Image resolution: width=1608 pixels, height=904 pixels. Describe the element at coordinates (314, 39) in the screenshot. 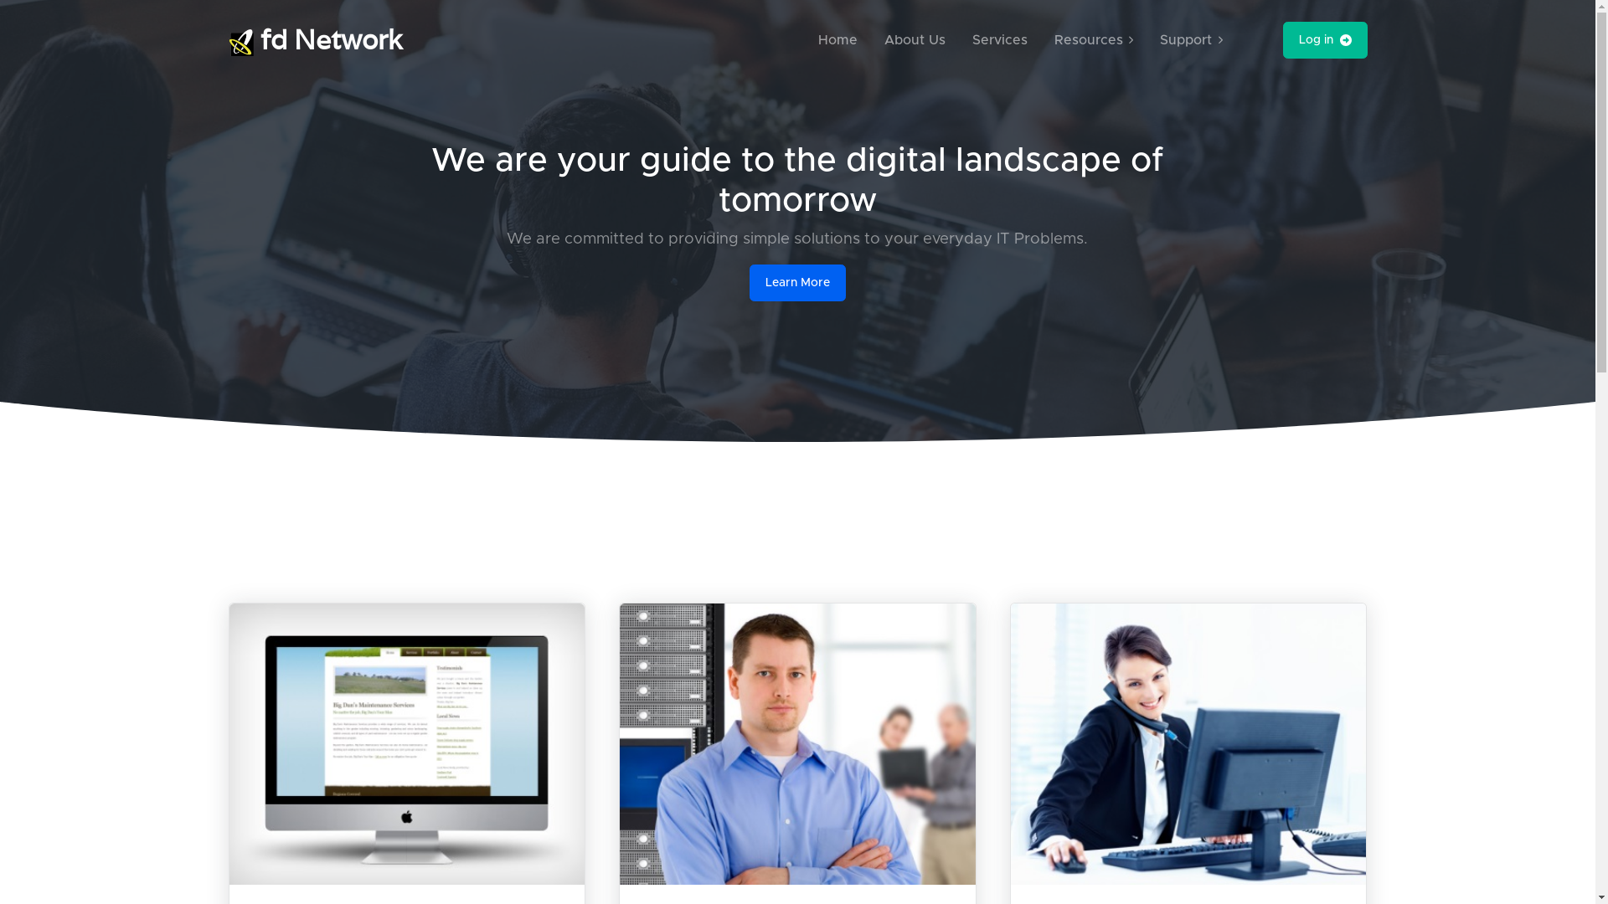

I see `'fd Network'` at that location.